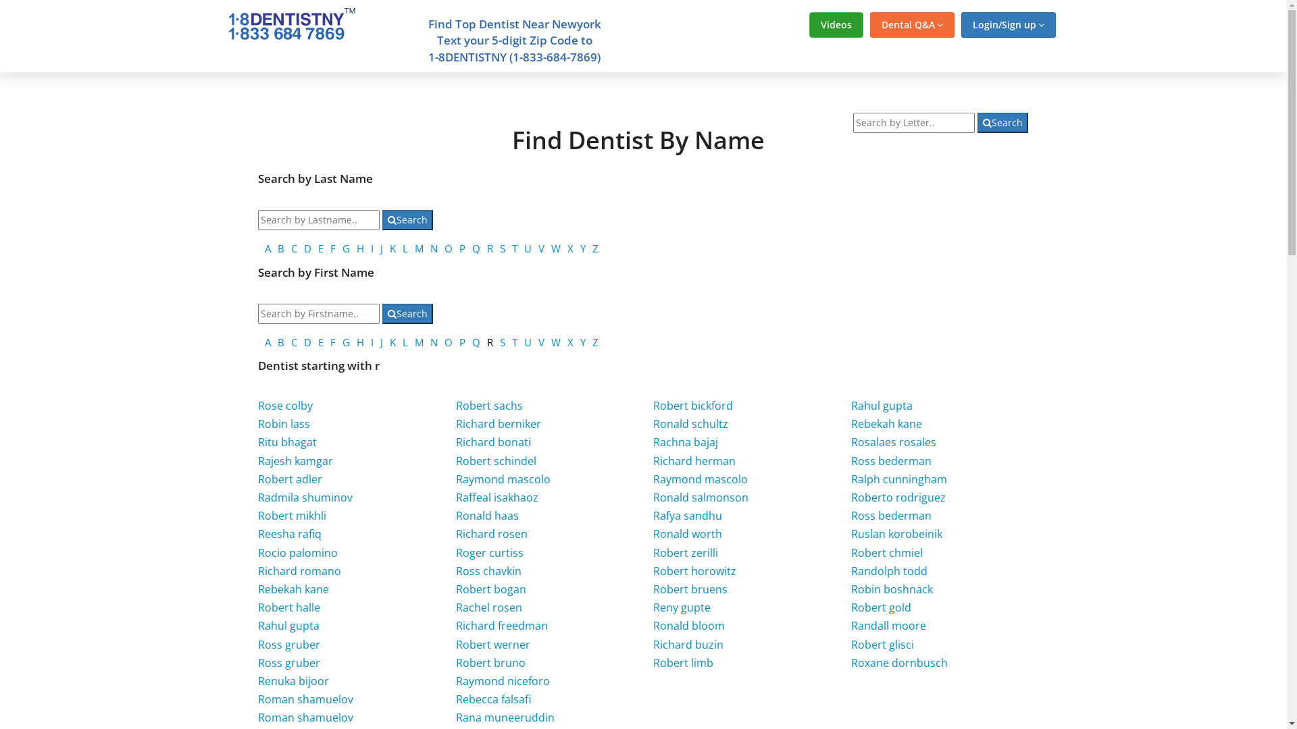 The image size is (1297, 729). I want to click on 'Ronald haas', so click(486, 515).